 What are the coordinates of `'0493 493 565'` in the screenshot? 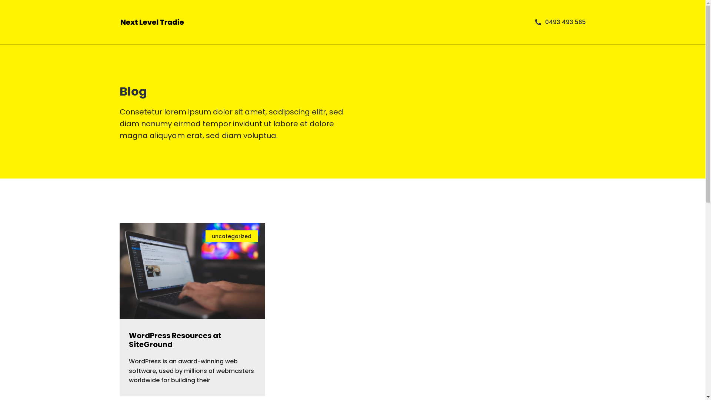 It's located at (560, 22).